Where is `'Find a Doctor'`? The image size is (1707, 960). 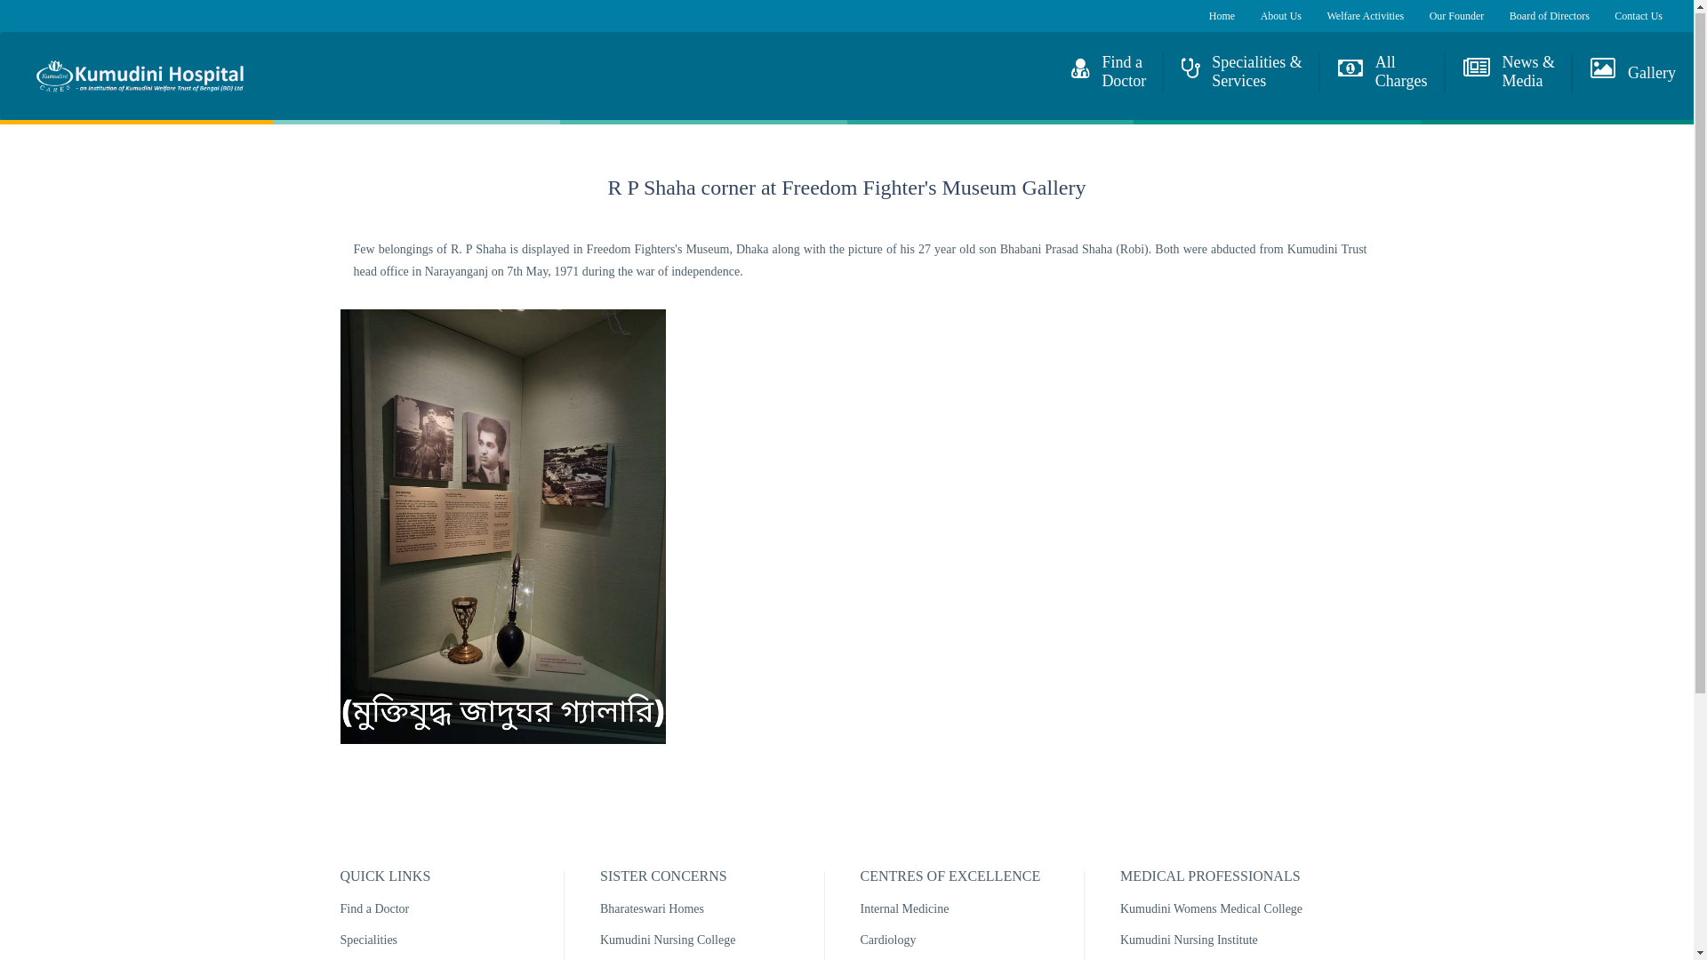
'Find a Doctor' is located at coordinates (373, 909).